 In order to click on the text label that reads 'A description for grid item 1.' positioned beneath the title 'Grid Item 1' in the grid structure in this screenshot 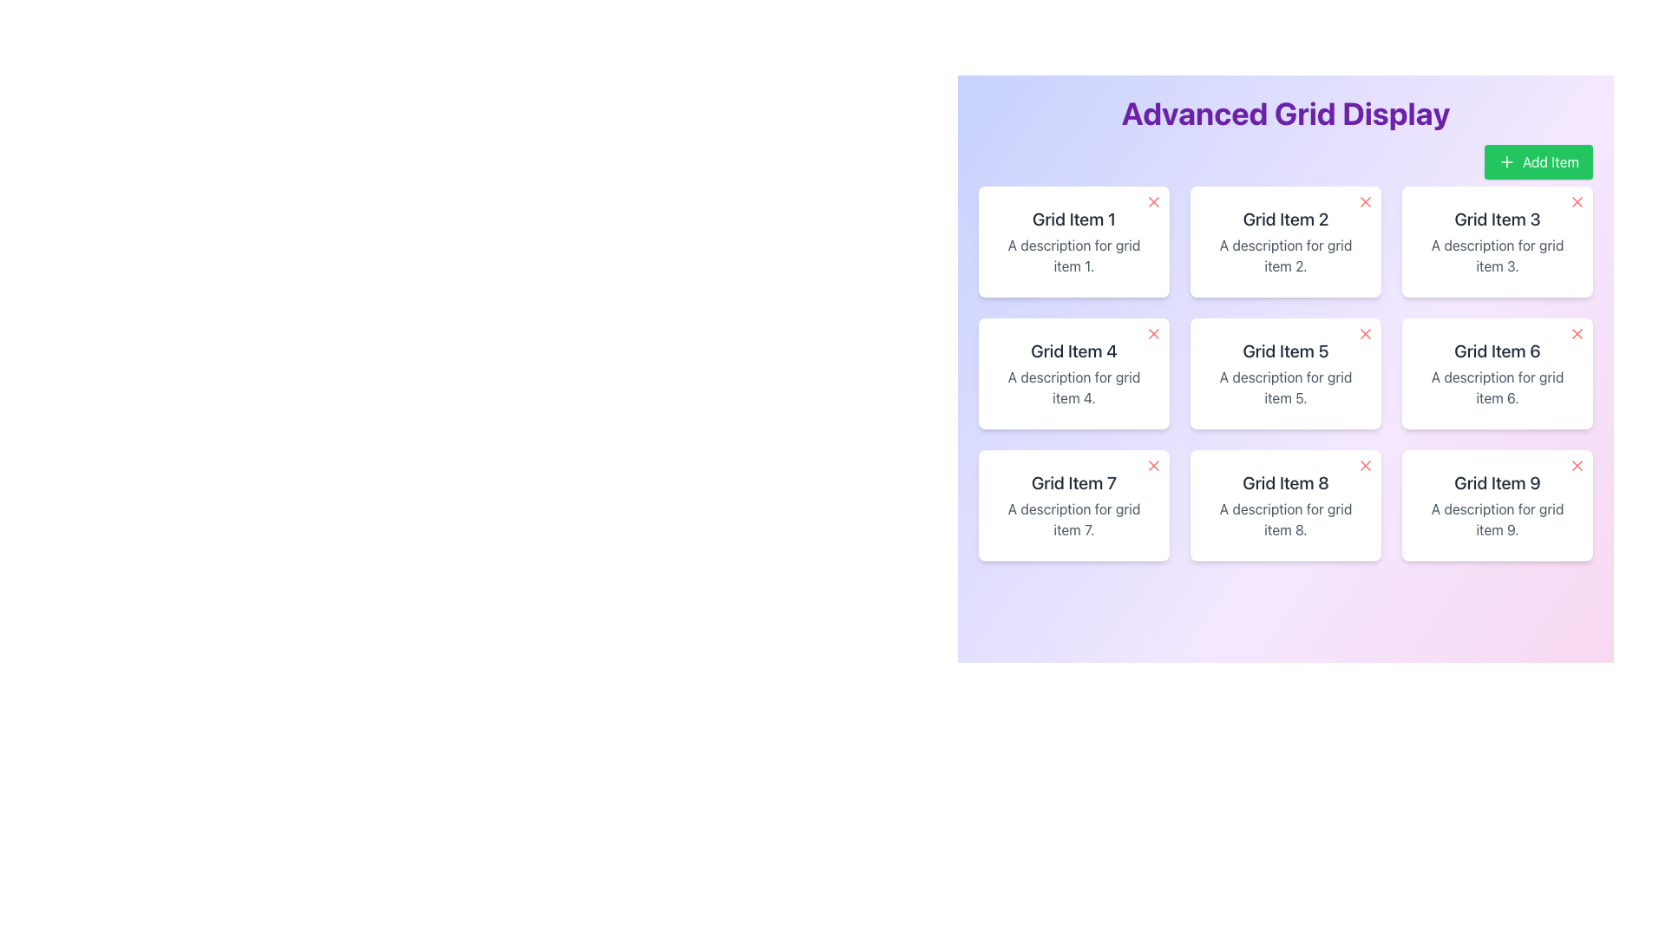, I will do `click(1073, 255)`.